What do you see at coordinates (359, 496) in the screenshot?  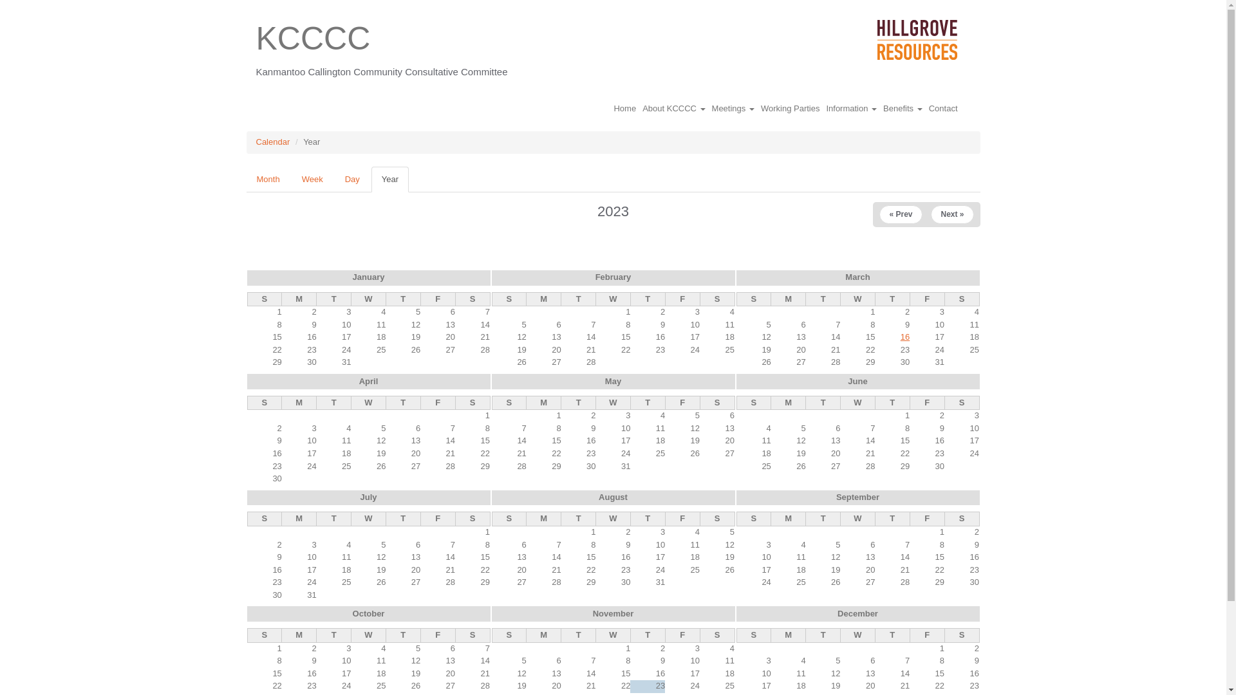 I see `'July'` at bounding box center [359, 496].